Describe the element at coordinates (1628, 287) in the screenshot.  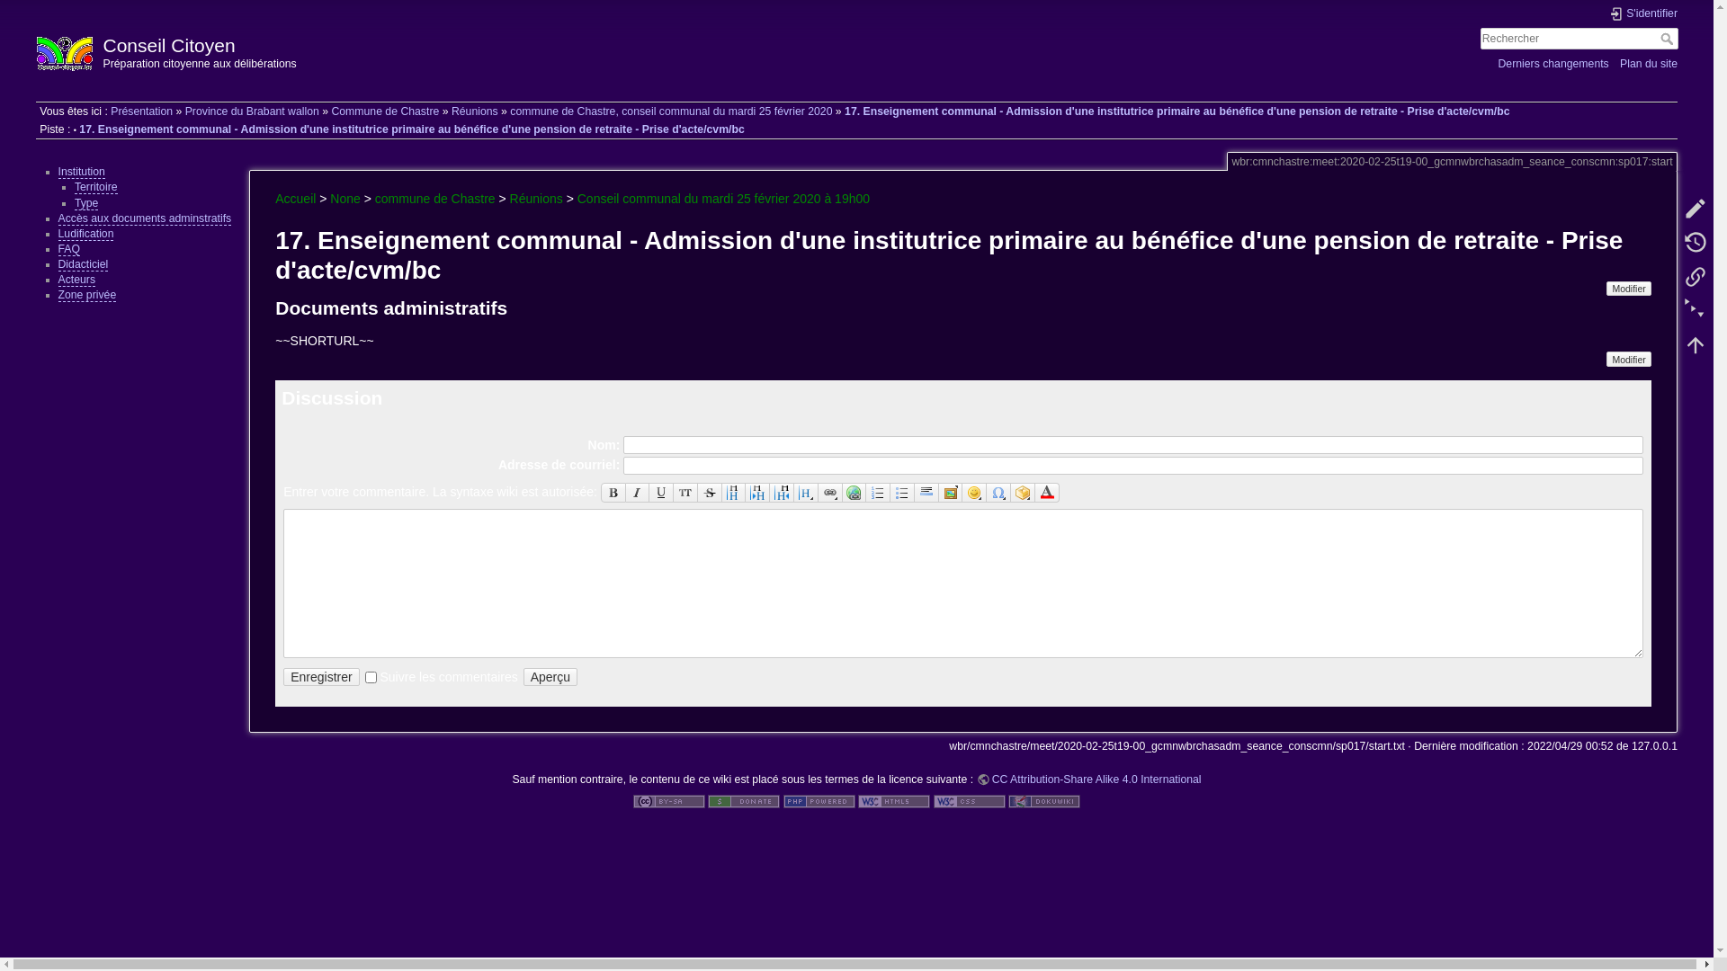
I see `'Modifier'` at that location.